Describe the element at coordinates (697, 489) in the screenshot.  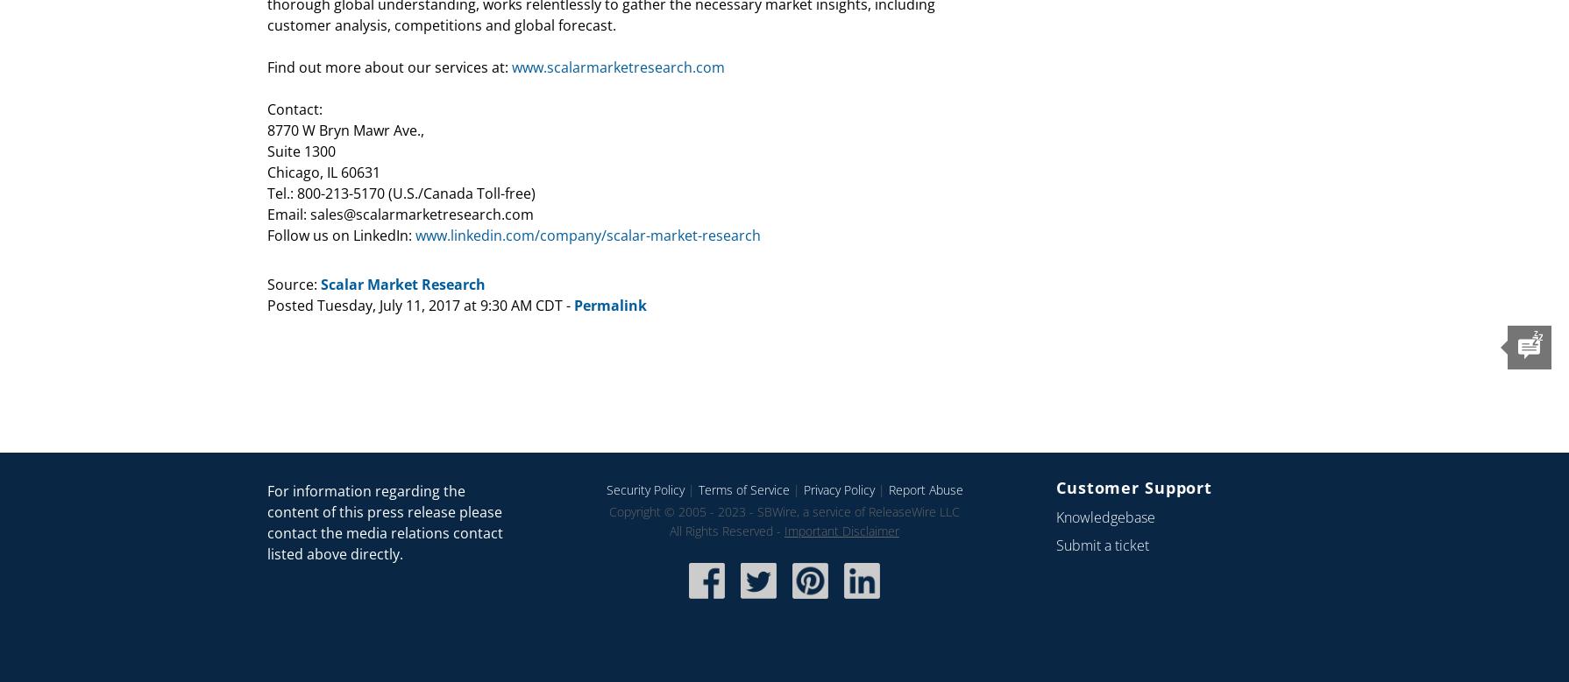
I see `'Terms of Service'` at that location.